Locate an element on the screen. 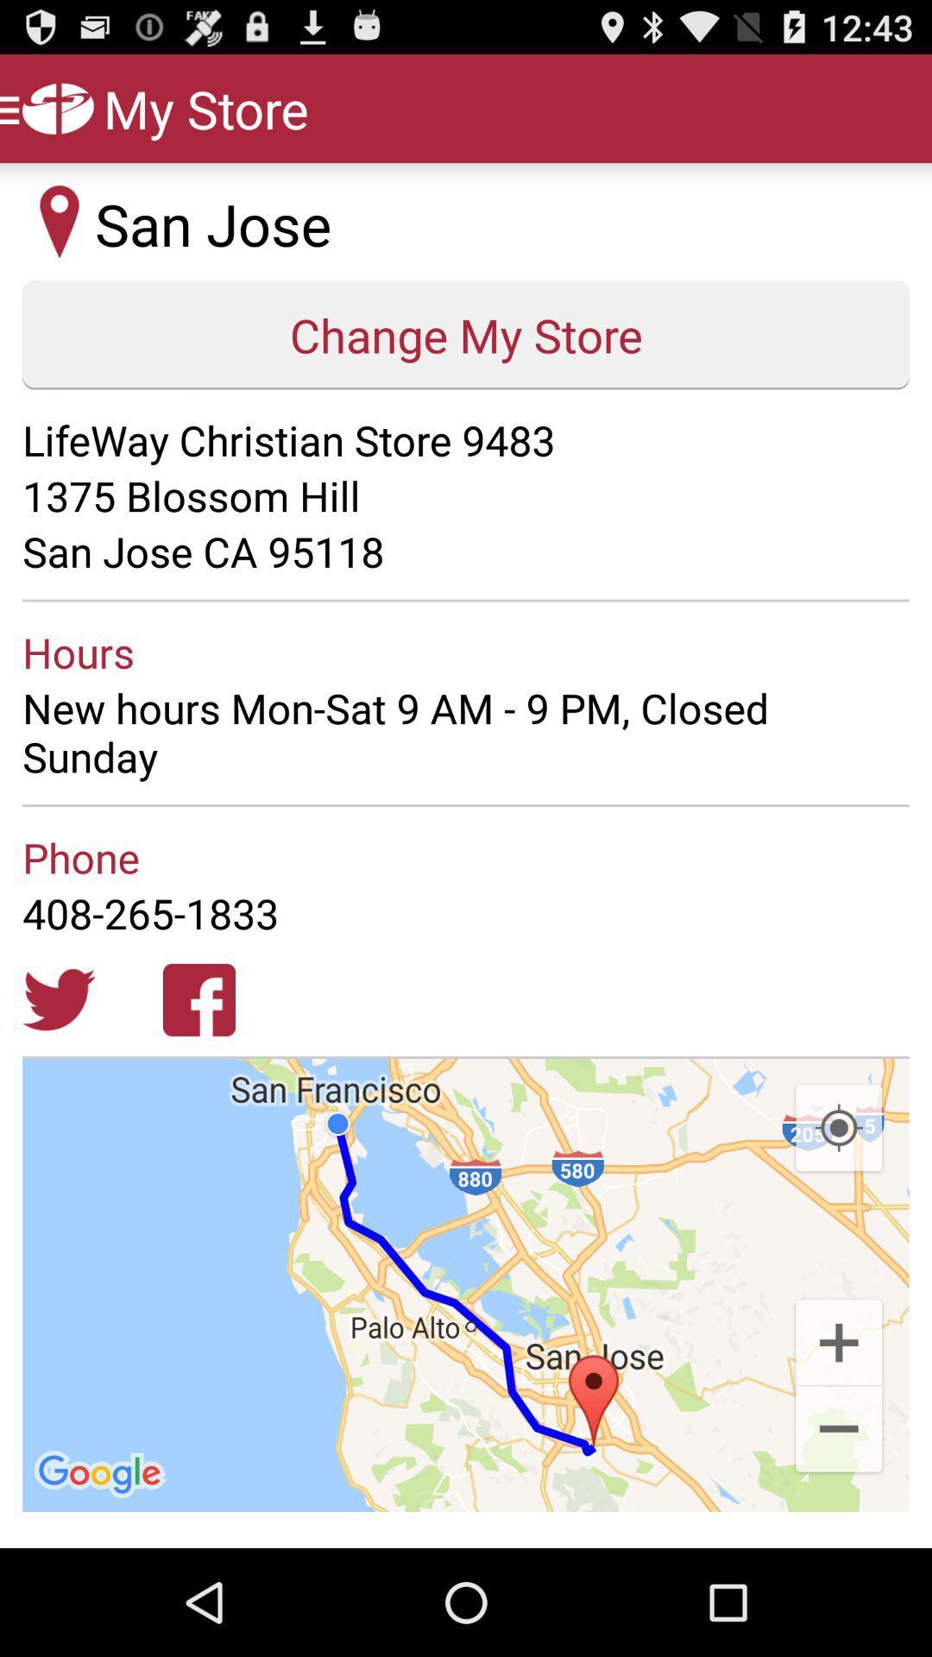 This screenshot has width=932, height=1657. the add icon is located at coordinates (838, 1435).